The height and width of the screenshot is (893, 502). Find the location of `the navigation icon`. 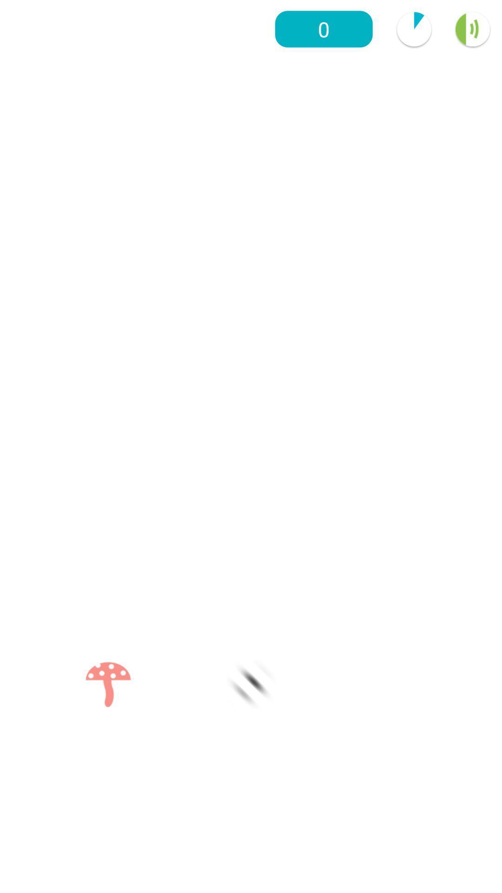

the navigation icon is located at coordinates (251, 685).